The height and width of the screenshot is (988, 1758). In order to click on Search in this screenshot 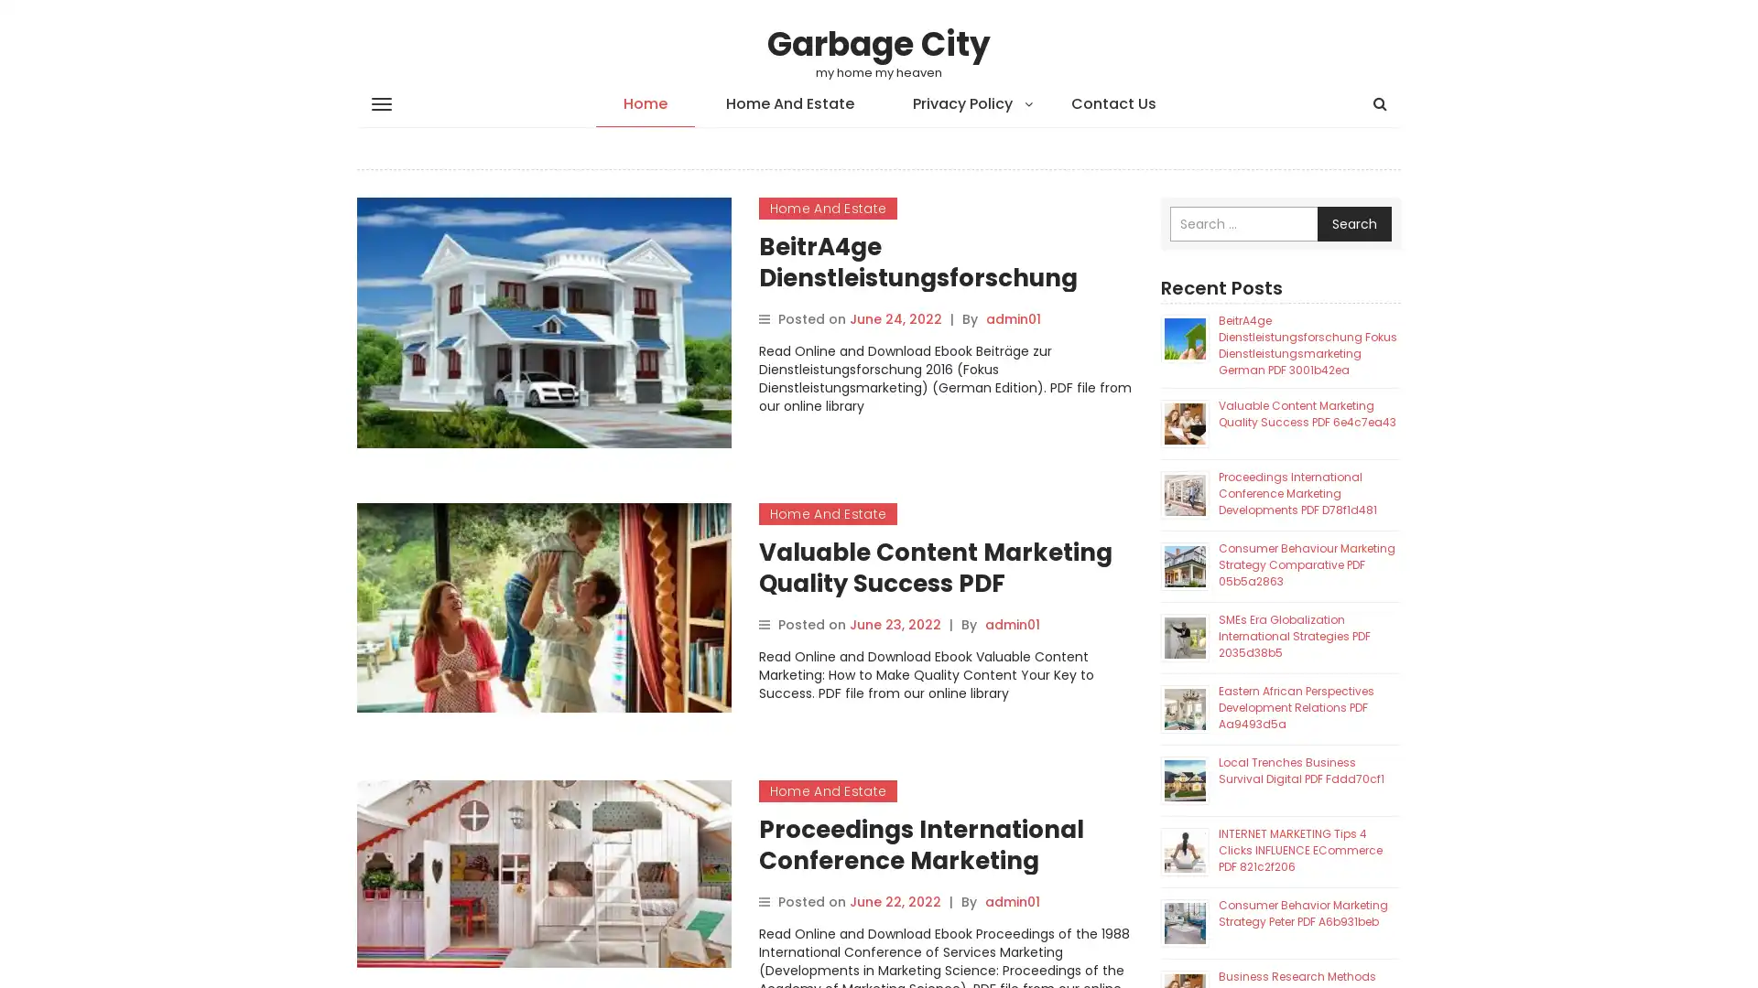, I will do `click(1354, 223)`.